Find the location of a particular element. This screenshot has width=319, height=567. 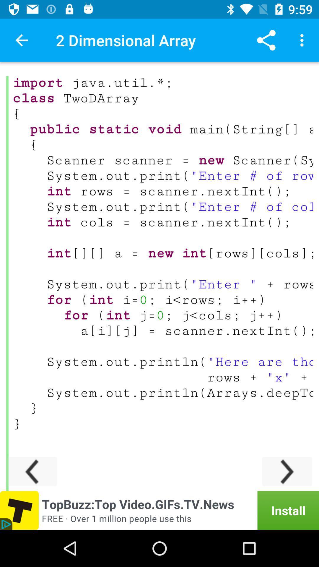

install is located at coordinates (159, 510).